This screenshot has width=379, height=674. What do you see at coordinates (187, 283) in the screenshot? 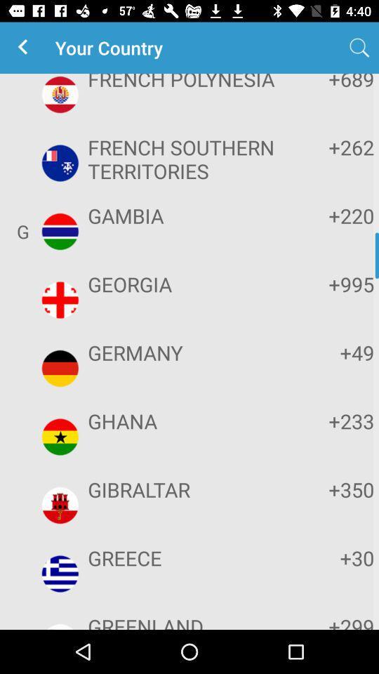
I see `item below gambia` at bounding box center [187, 283].